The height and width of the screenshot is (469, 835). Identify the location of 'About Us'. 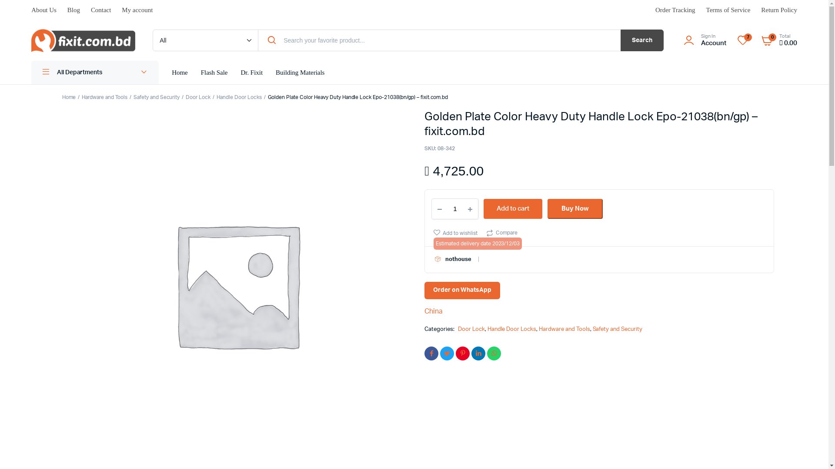
(31, 10).